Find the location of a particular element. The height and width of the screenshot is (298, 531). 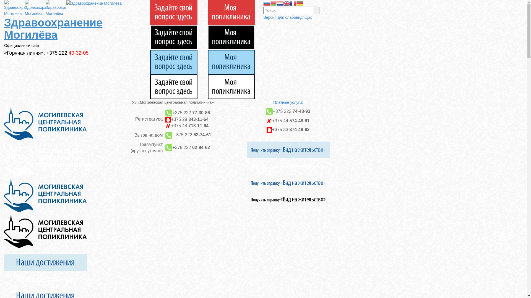

'Russian' is located at coordinates (267, 3).